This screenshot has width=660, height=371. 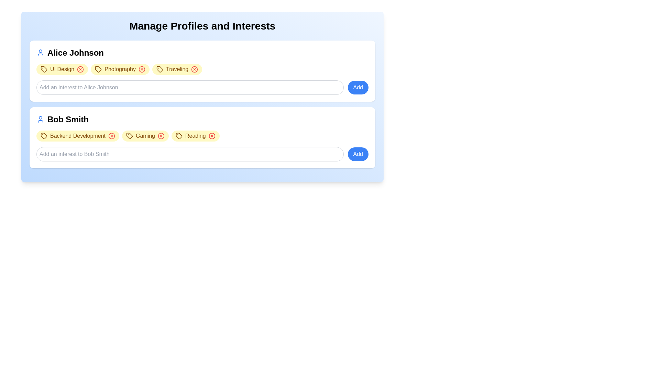 What do you see at coordinates (159, 69) in the screenshot?
I see `the 'Traveling' tag icon, which visually indicates the user's categorized interest in traveling, located under the profile of 'Alice Johnson'` at bounding box center [159, 69].